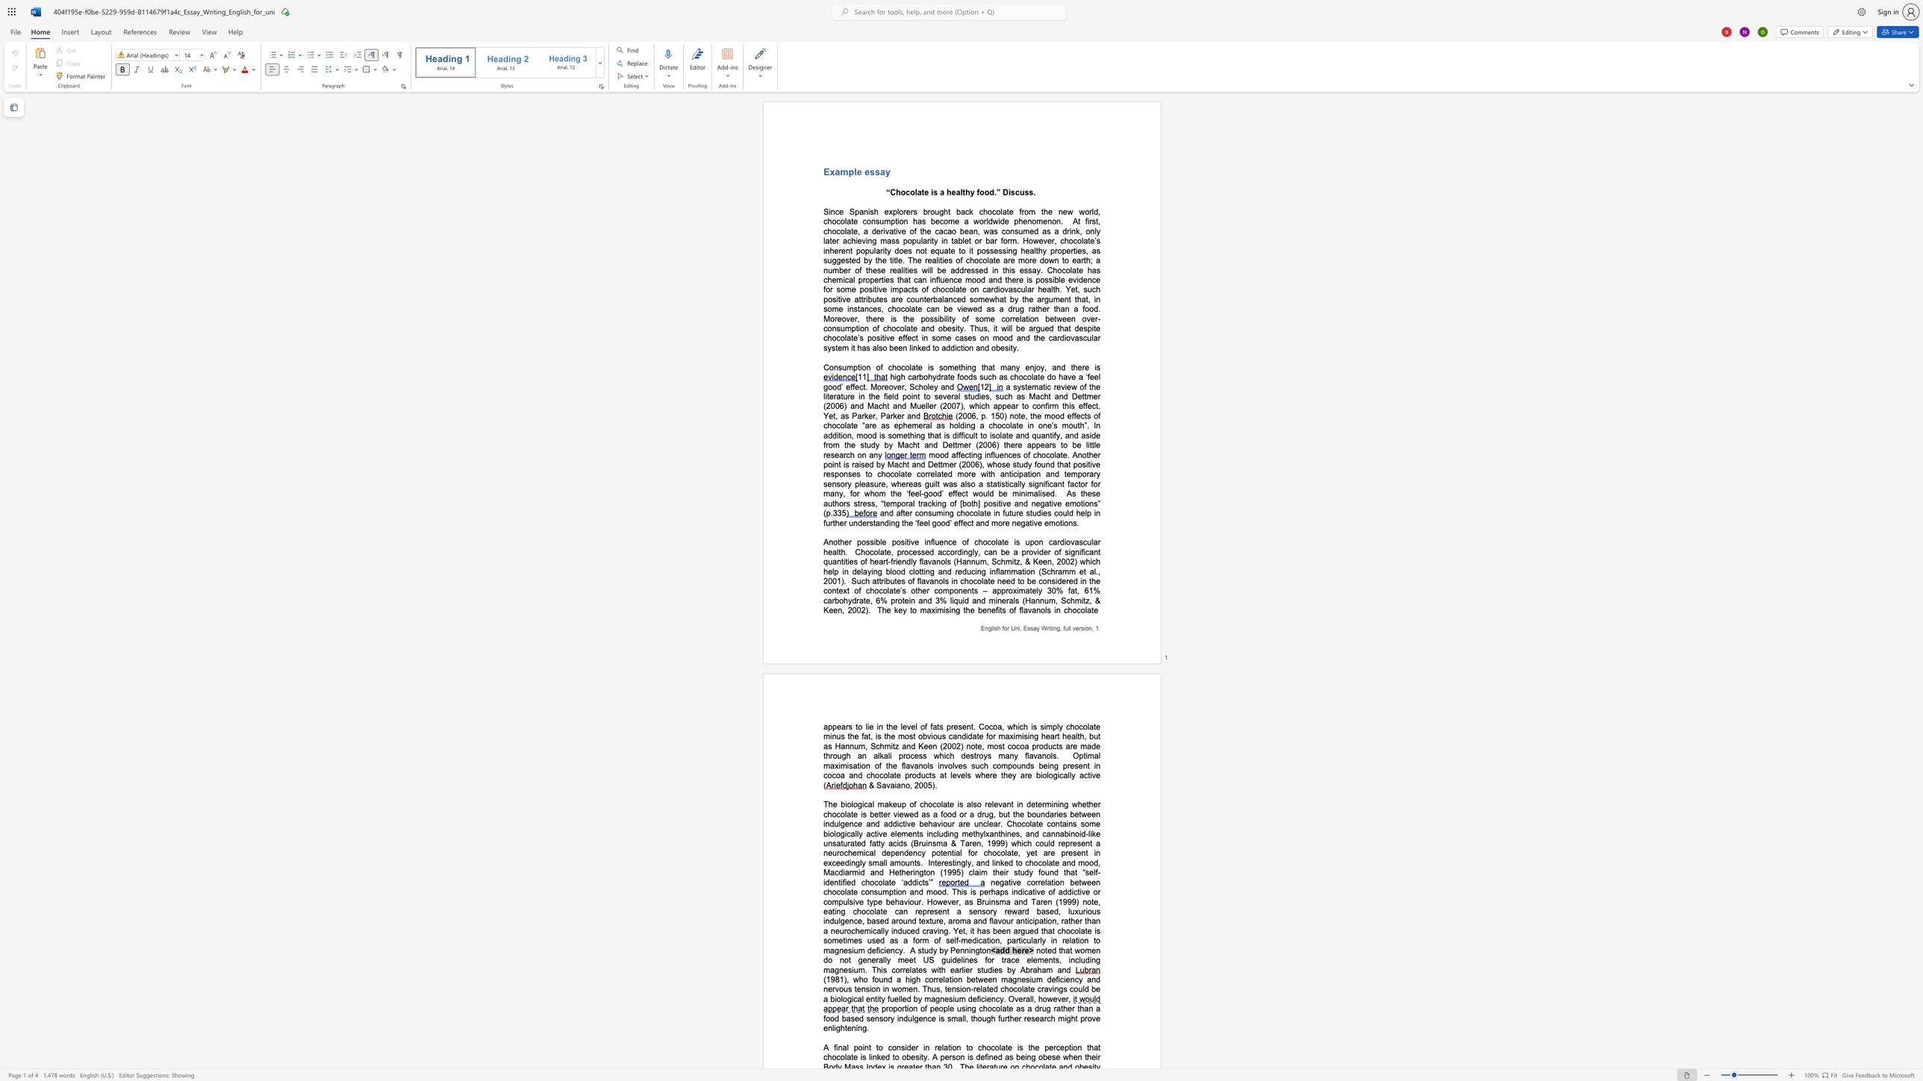 The width and height of the screenshot is (1923, 1081). Describe the element at coordinates (898, 999) in the screenshot. I see `the subset text "lled by magnesium deficiency. Overall, howev" within the text "(1981), who found a high correlation between magnesium deficiency and nervous tension in women. Thus, tension-related chocolate cravings could be a biological entity fuelled by magnesium deficiency. Overall, however,"` at that location.